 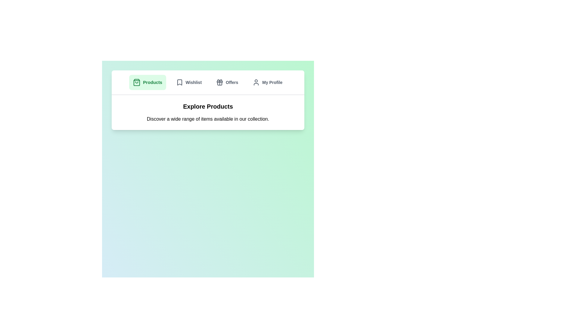 I want to click on the user profile icon located within the 'My Profile' button on the upper navigation bar, so click(x=256, y=82).